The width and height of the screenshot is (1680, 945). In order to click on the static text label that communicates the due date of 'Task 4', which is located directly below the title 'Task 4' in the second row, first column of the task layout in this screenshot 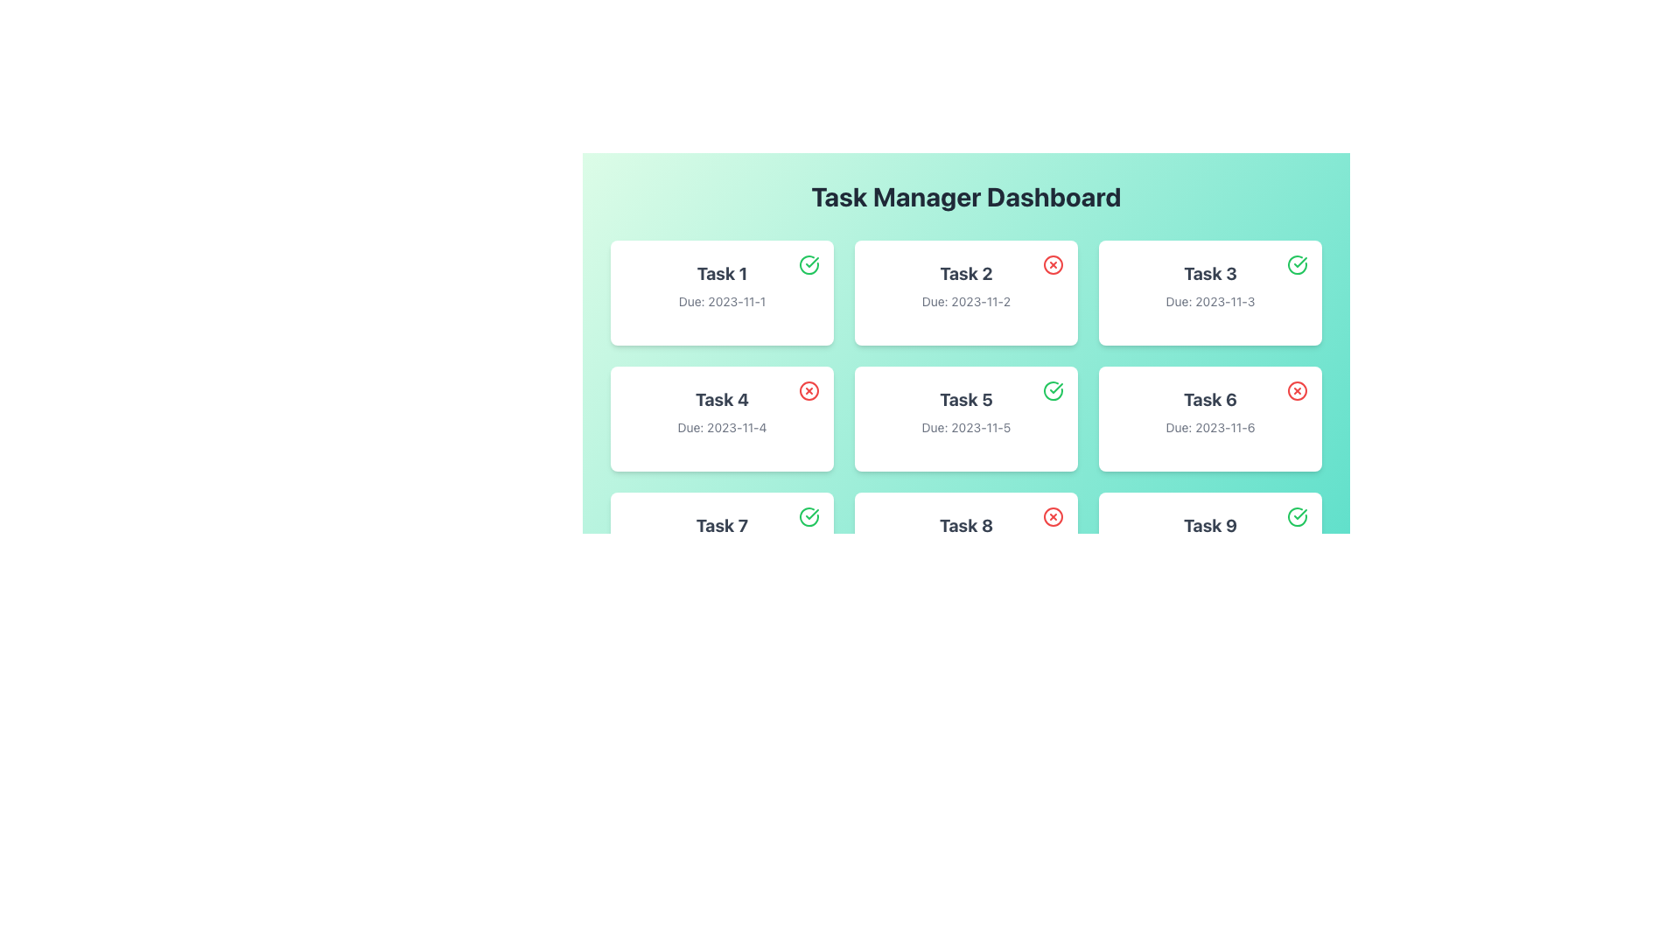, I will do `click(722, 428)`.